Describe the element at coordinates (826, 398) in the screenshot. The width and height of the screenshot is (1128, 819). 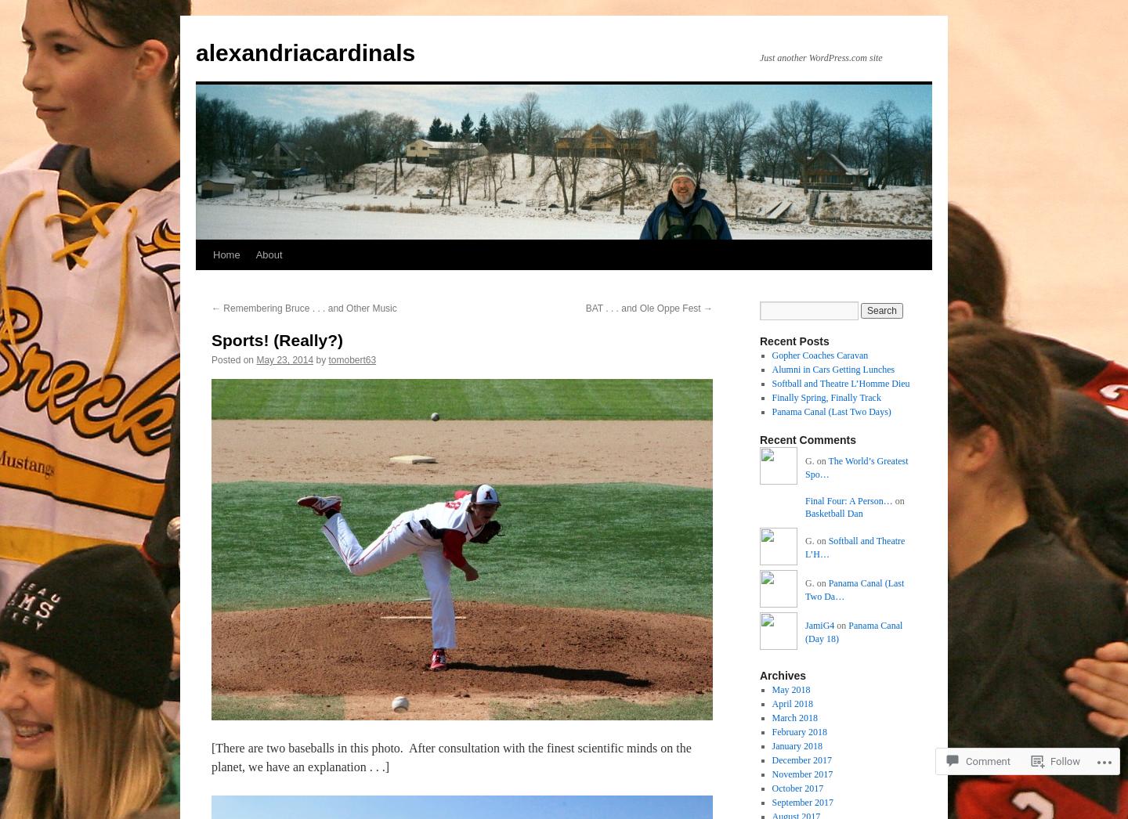
I see `'Finally Spring, Finally Track'` at that location.